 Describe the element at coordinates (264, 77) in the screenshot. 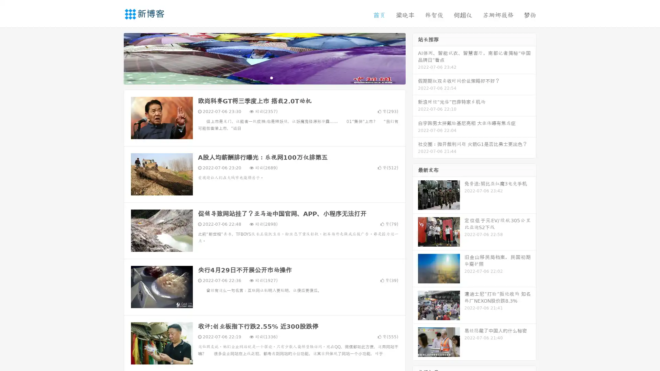

I see `Go to slide 2` at that location.